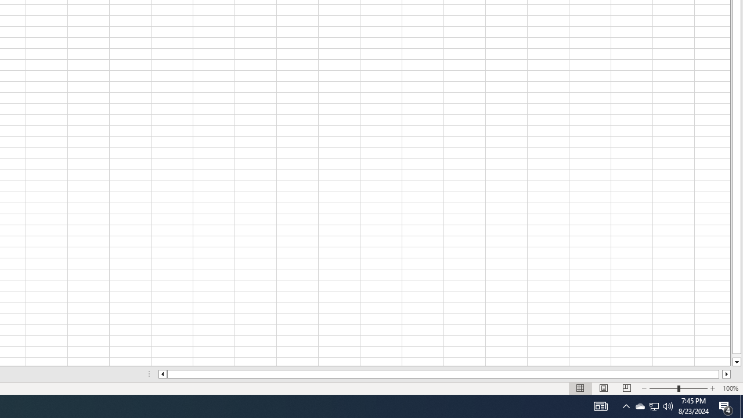 Image resolution: width=743 pixels, height=418 pixels. What do you see at coordinates (663, 388) in the screenshot?
I see `'Zoom Out'` at bounding box center [663, 388].